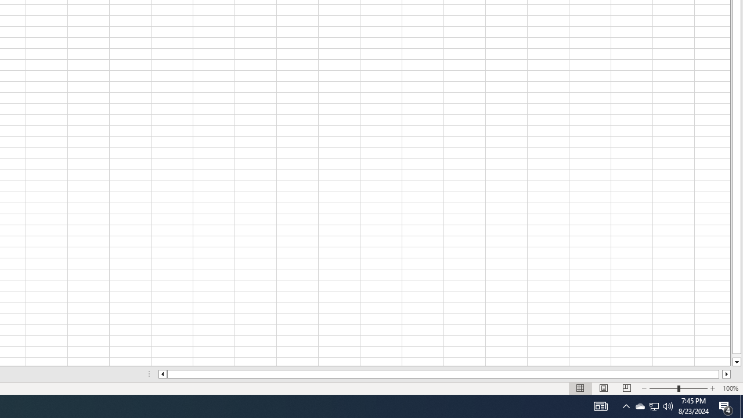 Image resolution: width=743 pixels, height=418 pixels. What do you see at coordinates (663, 388) in the screenshot?
I see `'Zoom Out'` at bounding box center [663, 388].